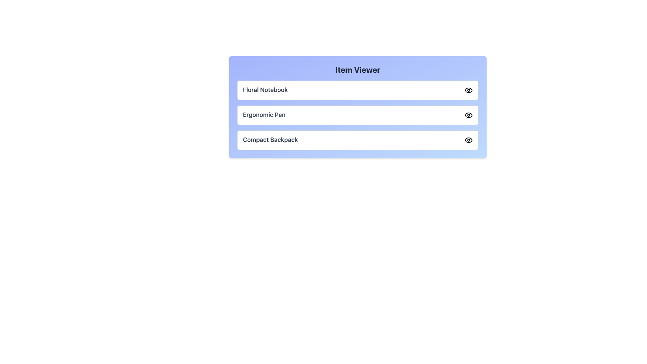  What do you see at coordinates (468, 140) in the screenshot?
I see `the 'eye' icon located at the far-right of the row corresponding to 'Compact Backpack' in the 'Item Viewer' interface` at bounding box center [468, 140].